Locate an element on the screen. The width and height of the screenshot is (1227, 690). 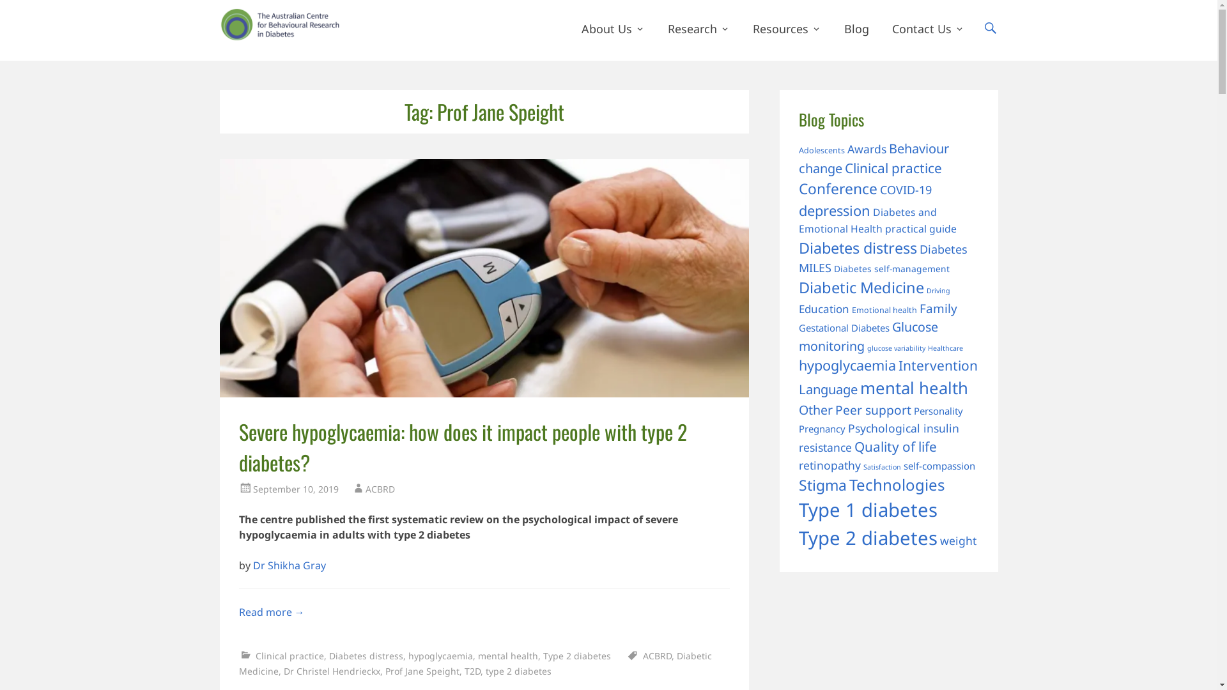
'Diabetes distress' is located at coordinates (858, 248).